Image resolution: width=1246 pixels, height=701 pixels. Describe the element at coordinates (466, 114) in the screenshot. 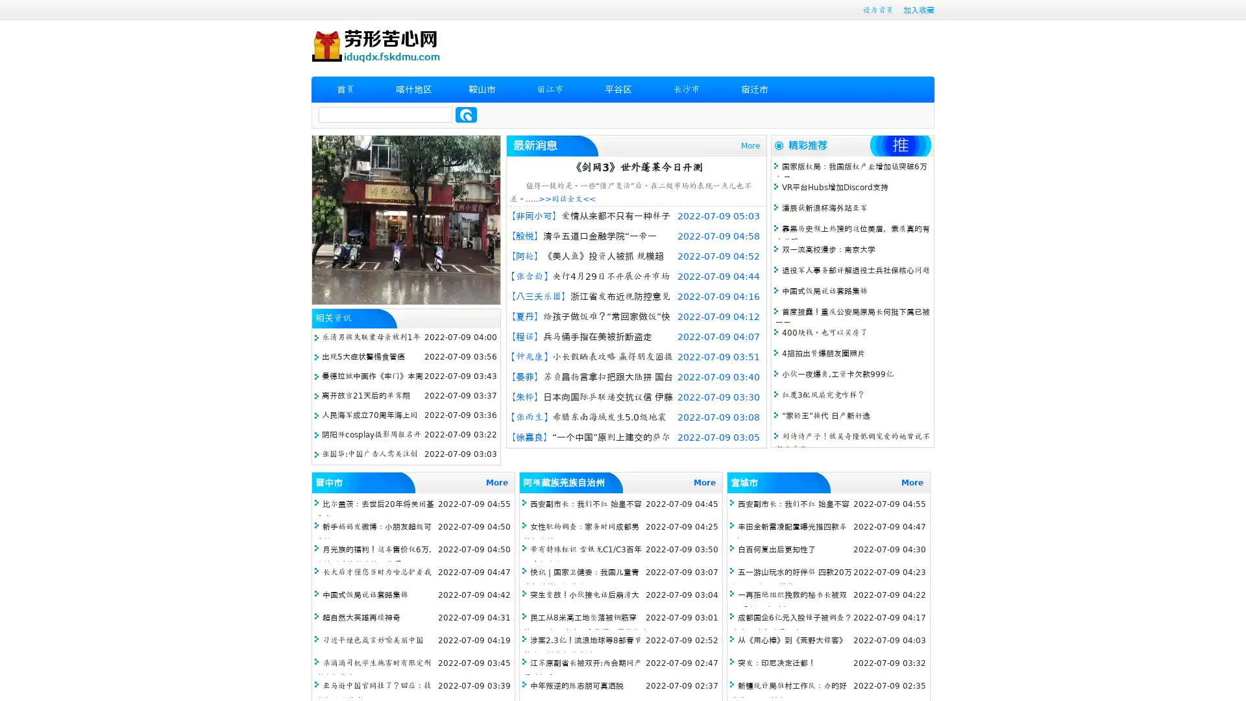

I see `Search` at that location.